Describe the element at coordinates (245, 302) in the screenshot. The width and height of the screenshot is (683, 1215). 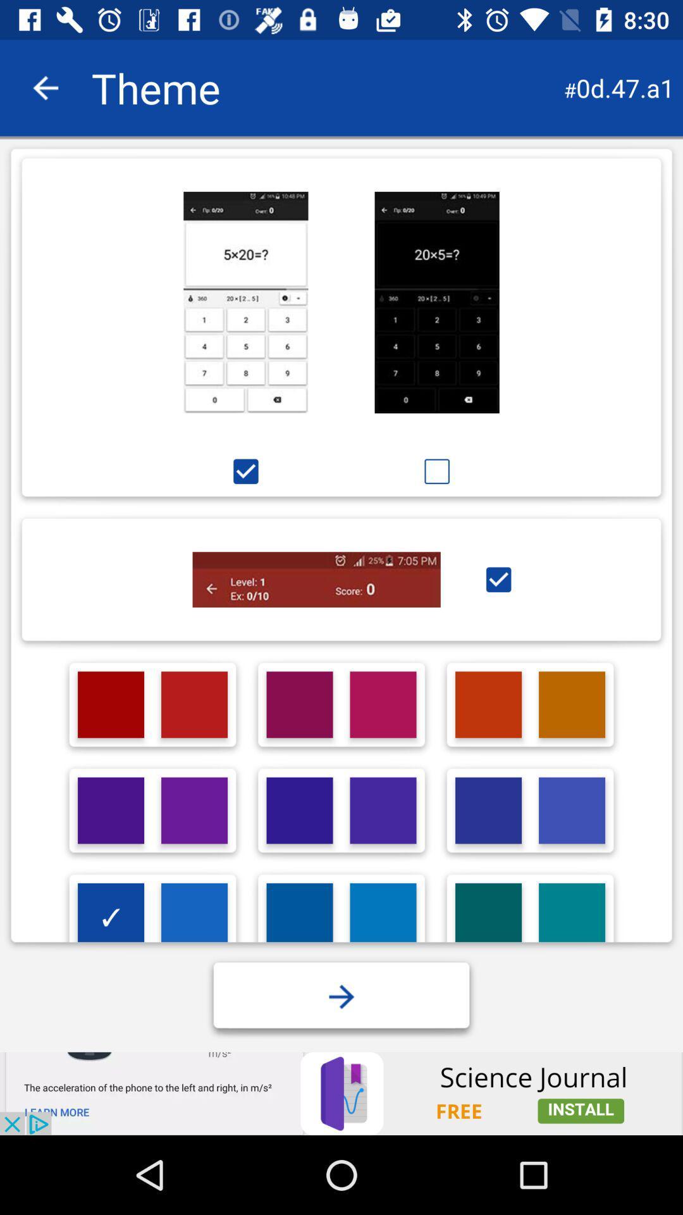
I see `the theme` at that location.